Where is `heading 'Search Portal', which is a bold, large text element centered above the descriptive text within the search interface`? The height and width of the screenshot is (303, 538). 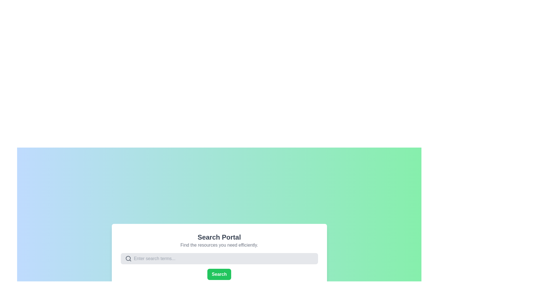 heading 'Search Portal', which is a bold, large text element centered above the descriptive text within the search interface is located at coordinates (219, 237).